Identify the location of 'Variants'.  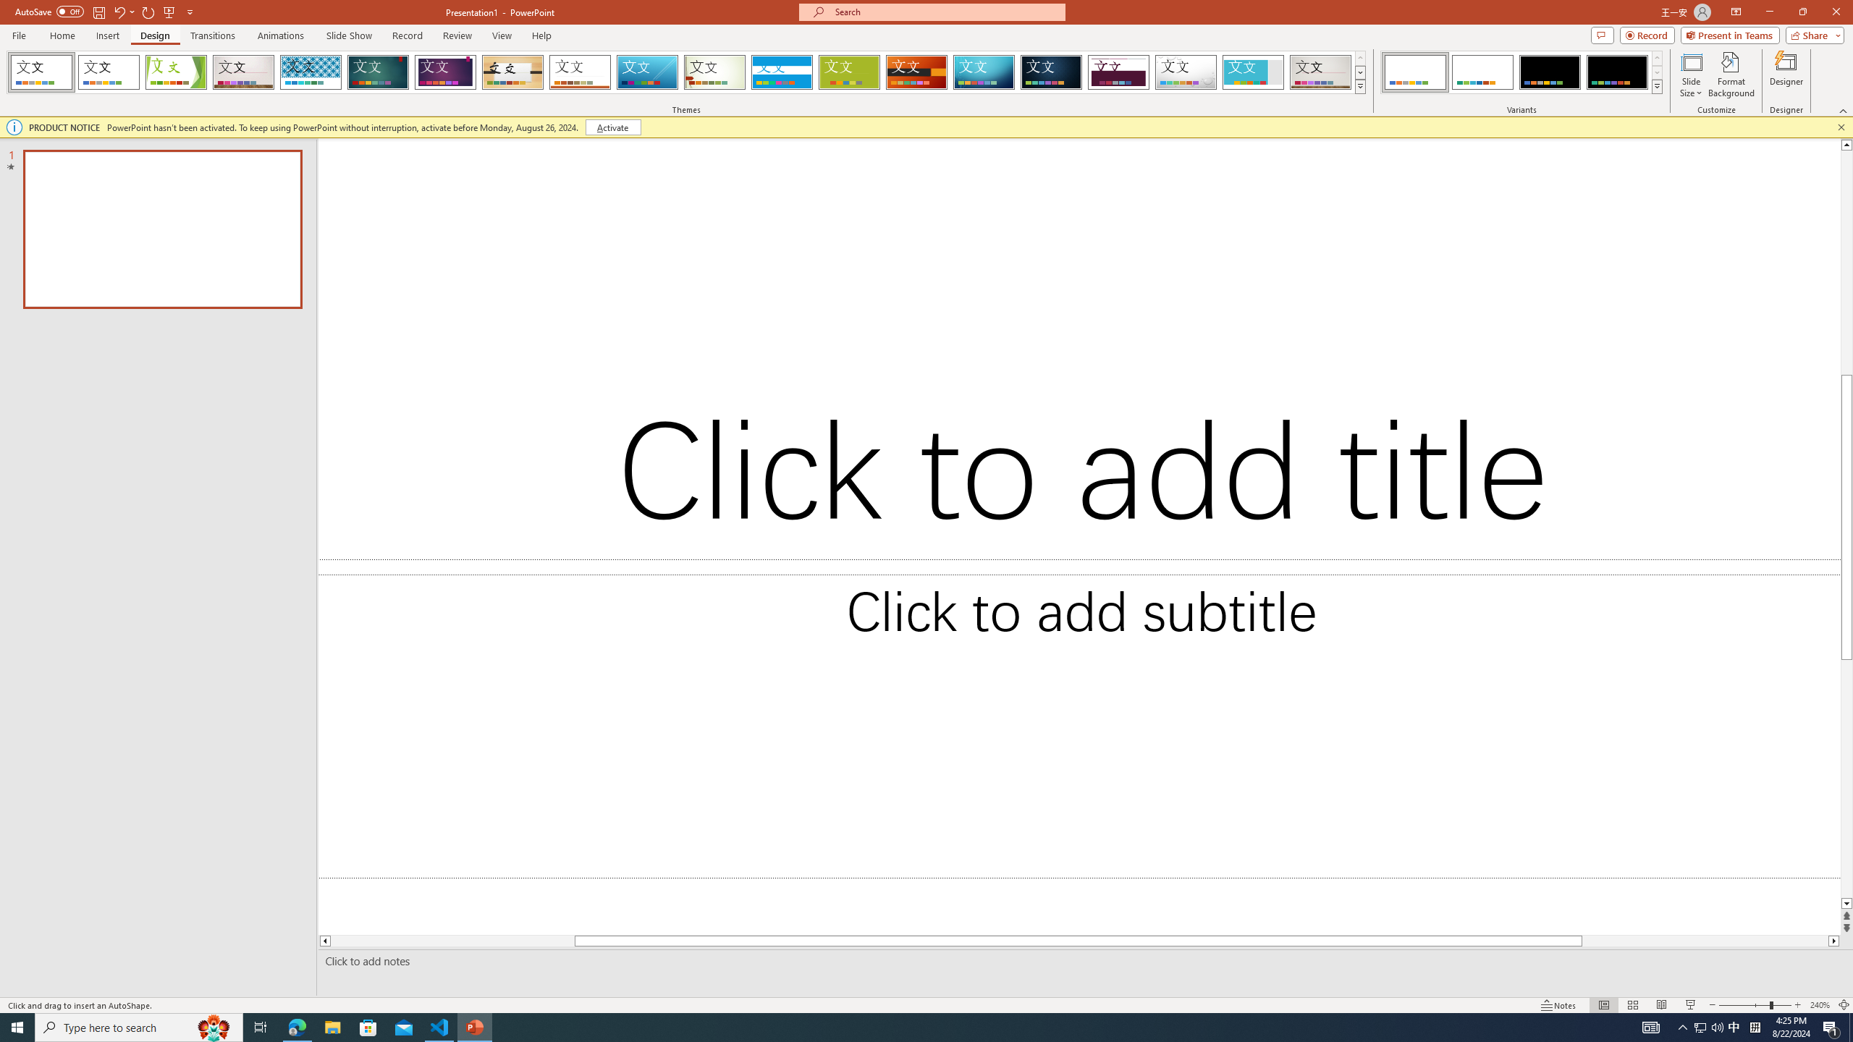
(1655, 85).